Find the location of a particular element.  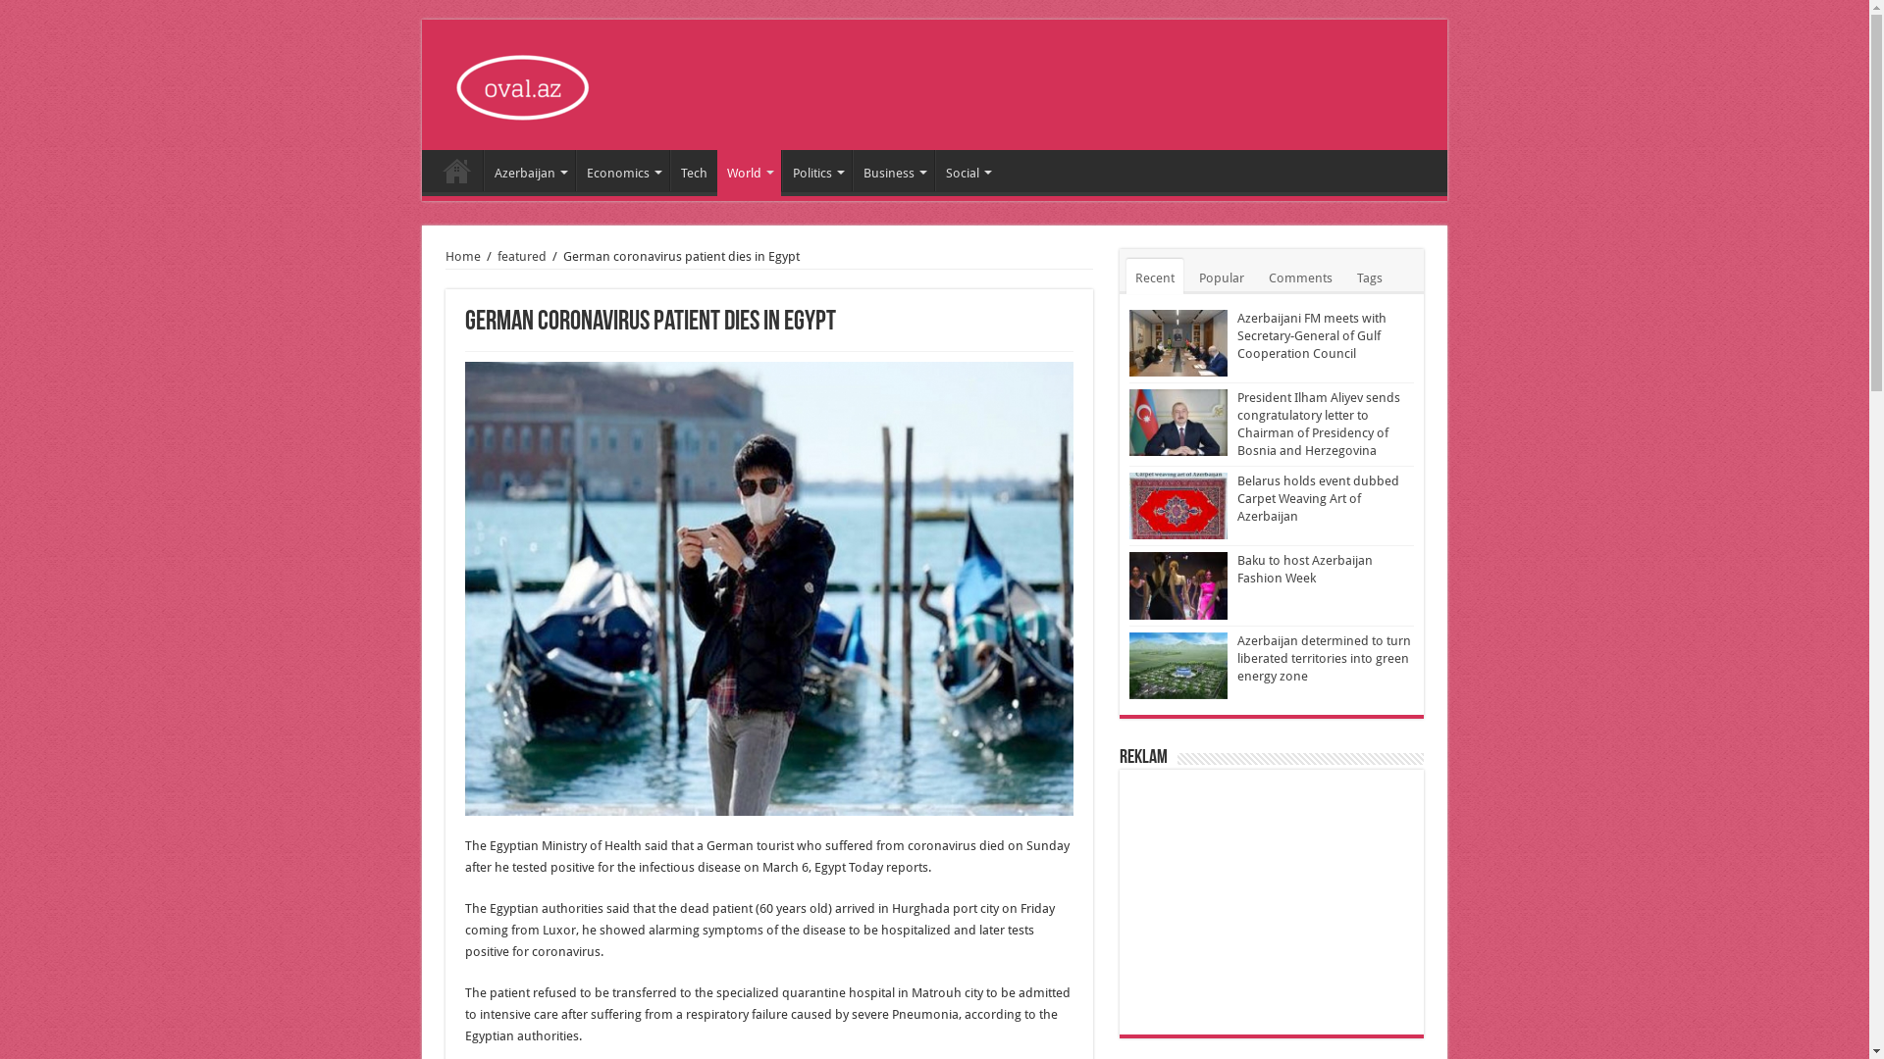

'Politics' is located at coordinates (780, 169).